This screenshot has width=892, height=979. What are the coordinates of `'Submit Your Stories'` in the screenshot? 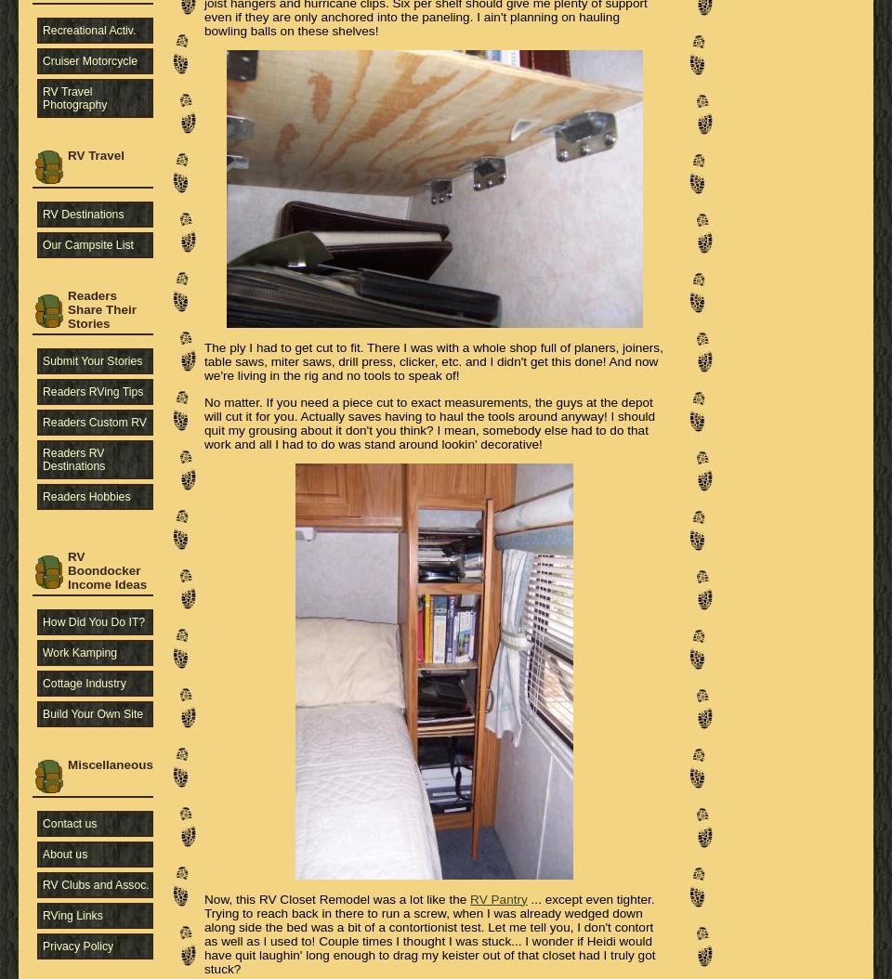 It's located at (92, 359).